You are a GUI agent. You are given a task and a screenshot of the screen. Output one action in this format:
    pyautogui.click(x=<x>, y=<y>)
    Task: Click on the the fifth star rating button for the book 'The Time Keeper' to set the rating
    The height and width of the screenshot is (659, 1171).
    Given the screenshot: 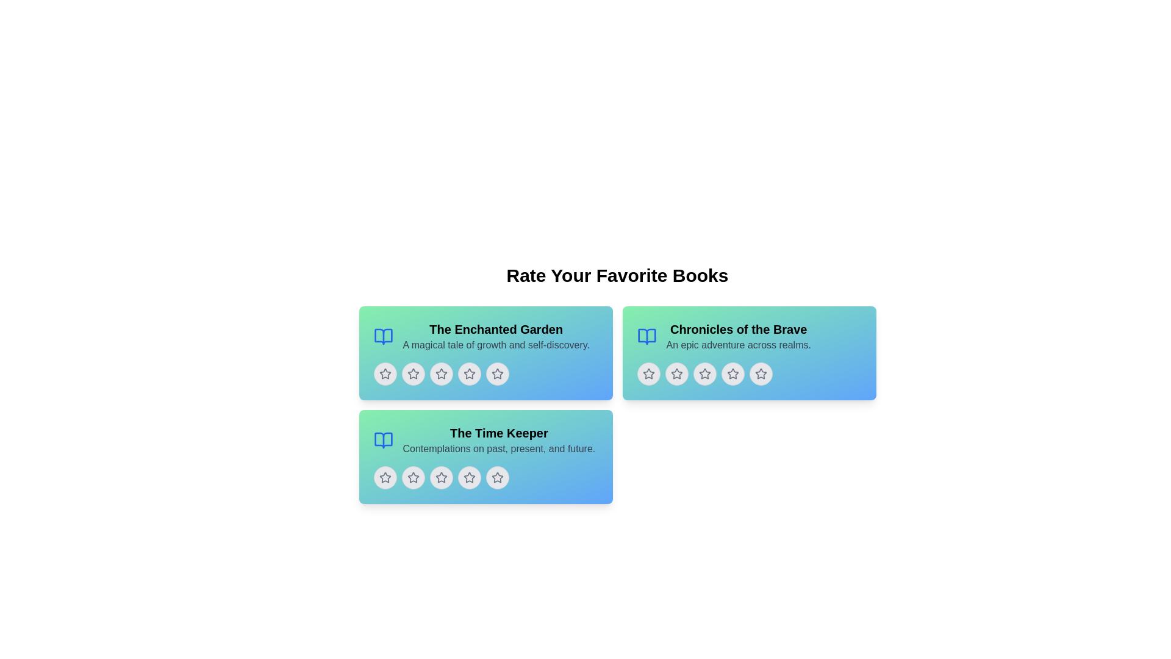 What is the action you would take?
    pyautogui.click(x=497, y=477)
    